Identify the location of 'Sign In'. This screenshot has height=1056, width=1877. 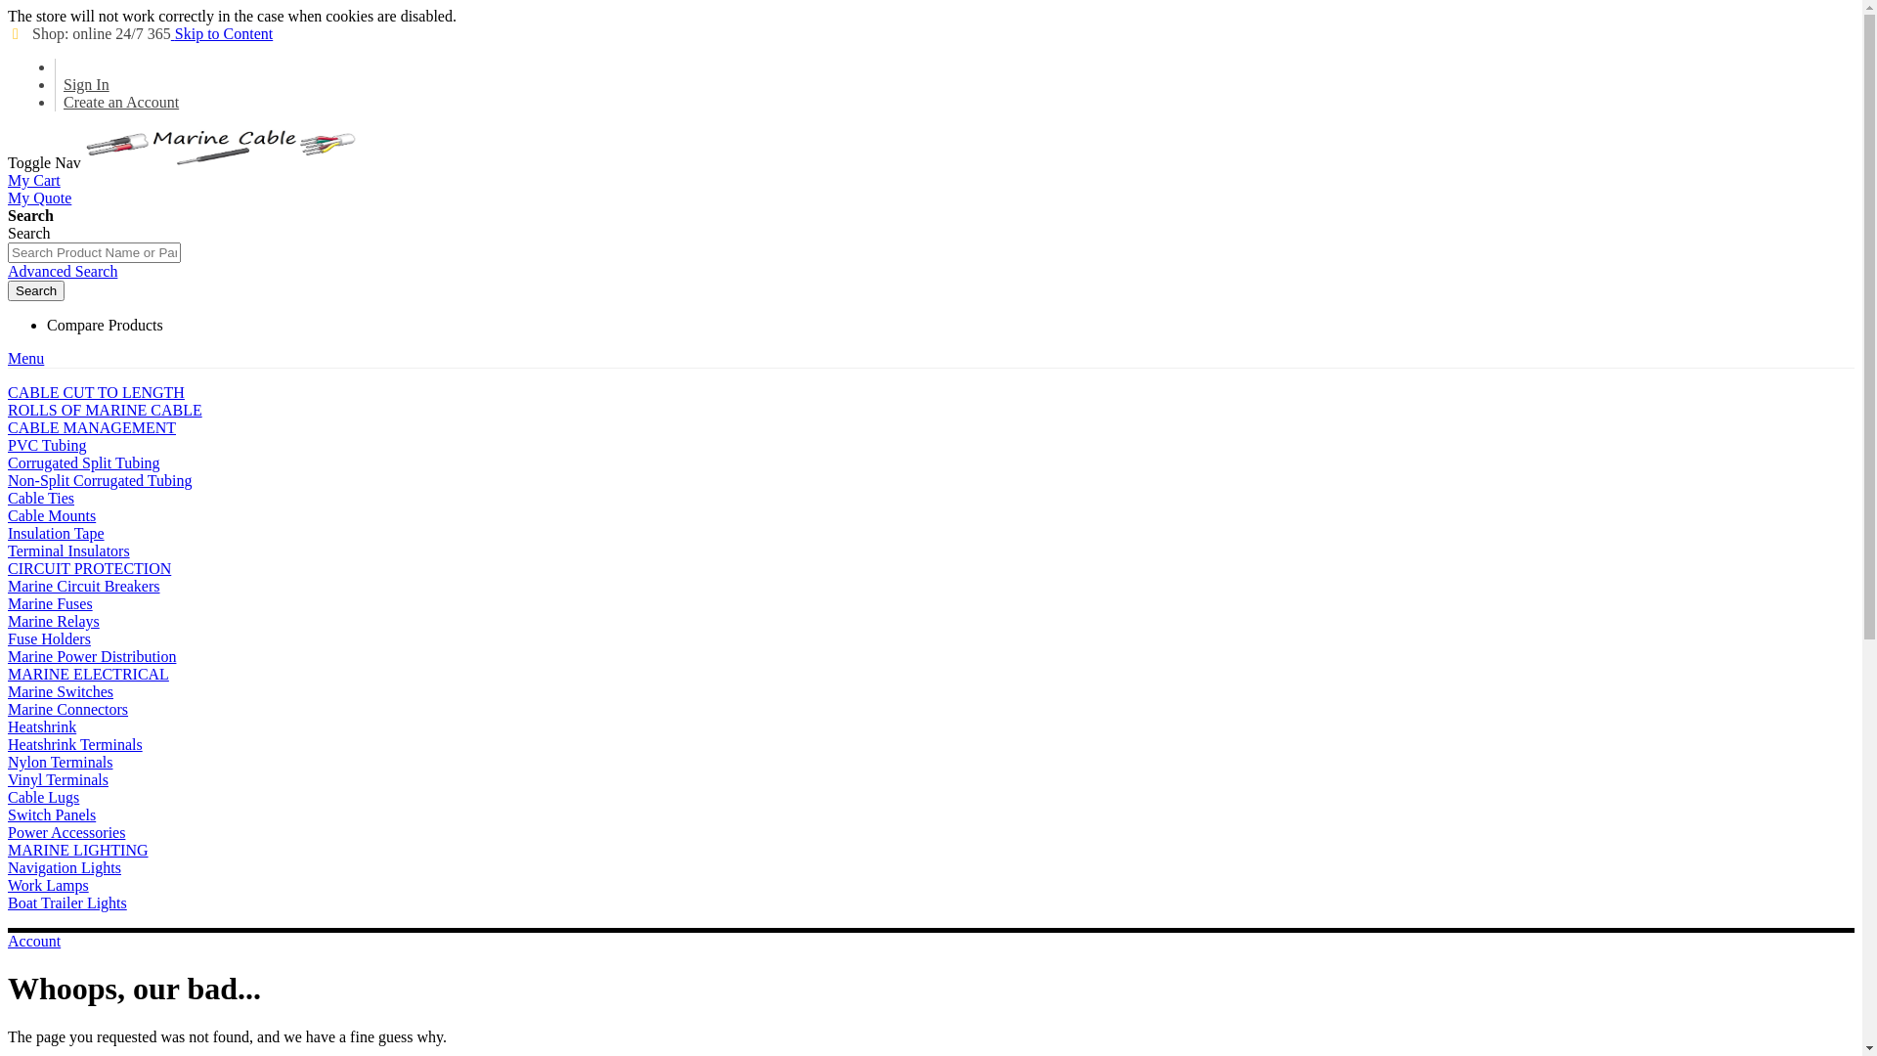
(64, 83).